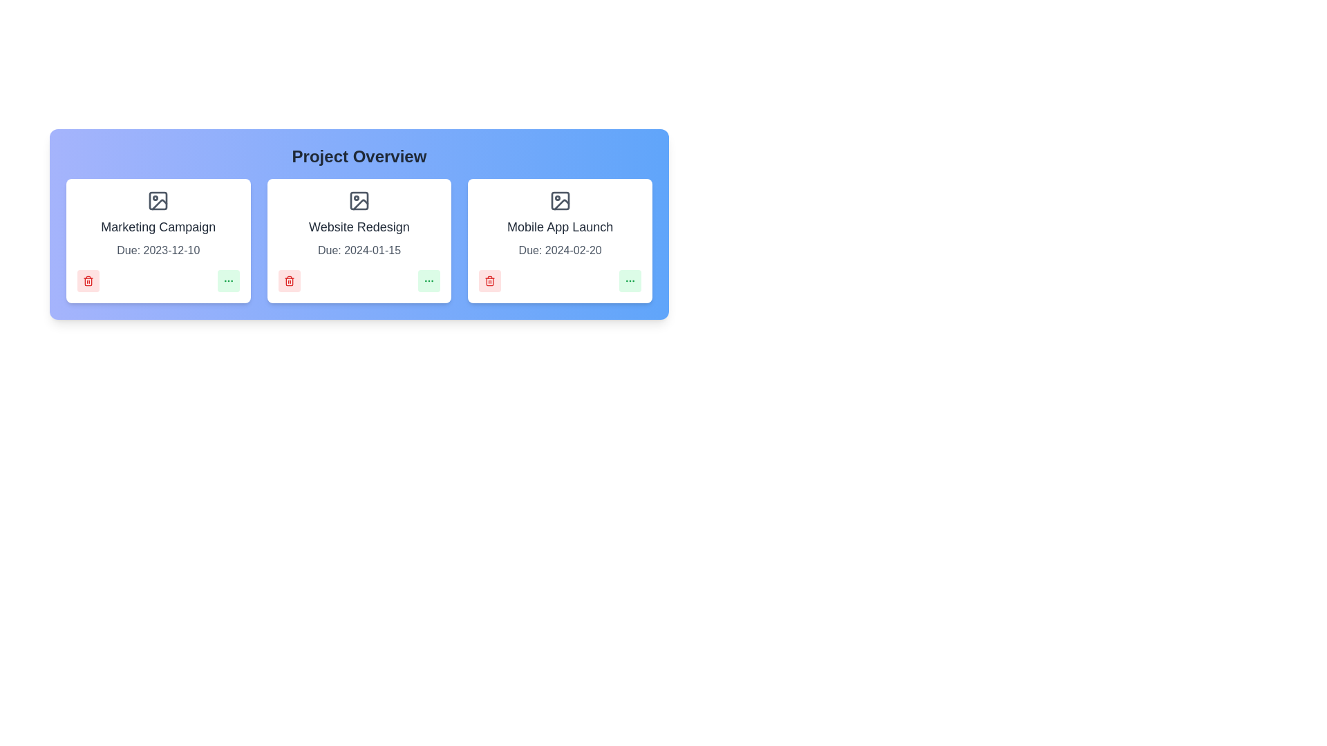 The width and height of the screenshot is (1327, 746). Describe the element at coordinates (158, 200) in the screenshot. I see `the project image placeholder to trigger its associated action` at that location.